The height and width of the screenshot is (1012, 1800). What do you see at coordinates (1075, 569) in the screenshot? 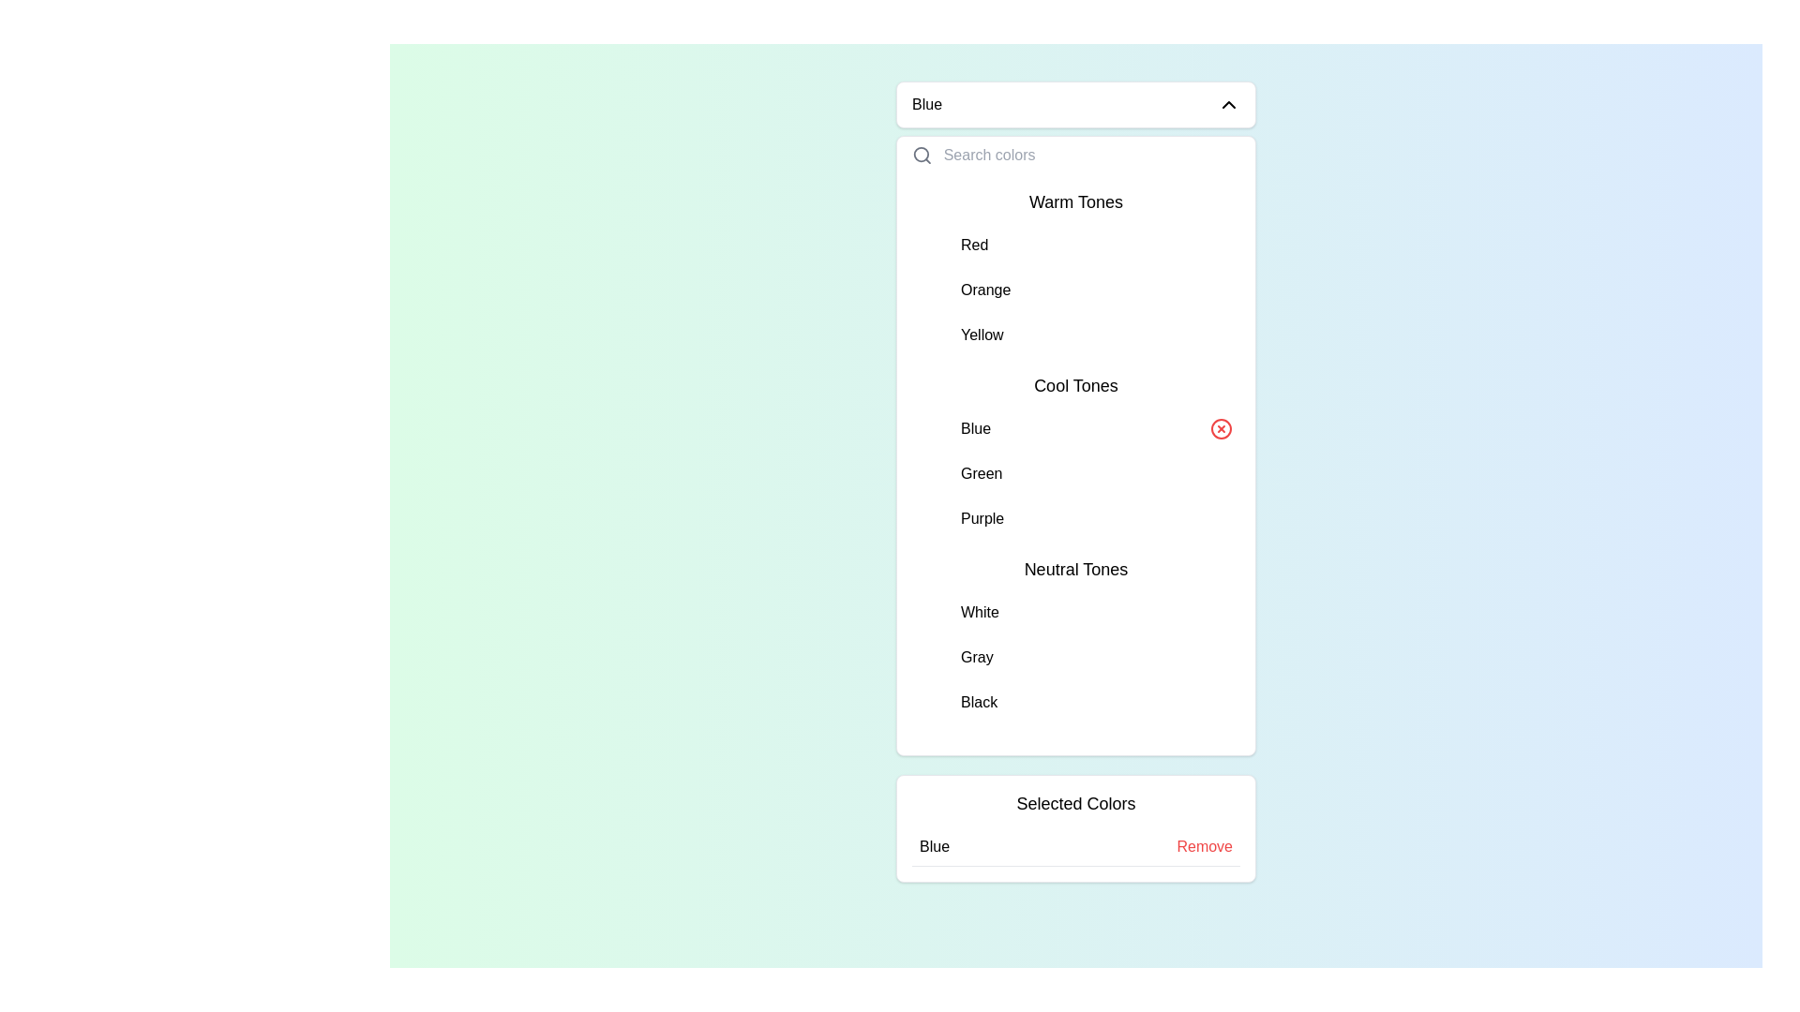
I see `the 'Neutral Tones' label in the color selection menu, which is styled with semi-bold text and is positioned above the color options` at bounding box center [1075, 569].